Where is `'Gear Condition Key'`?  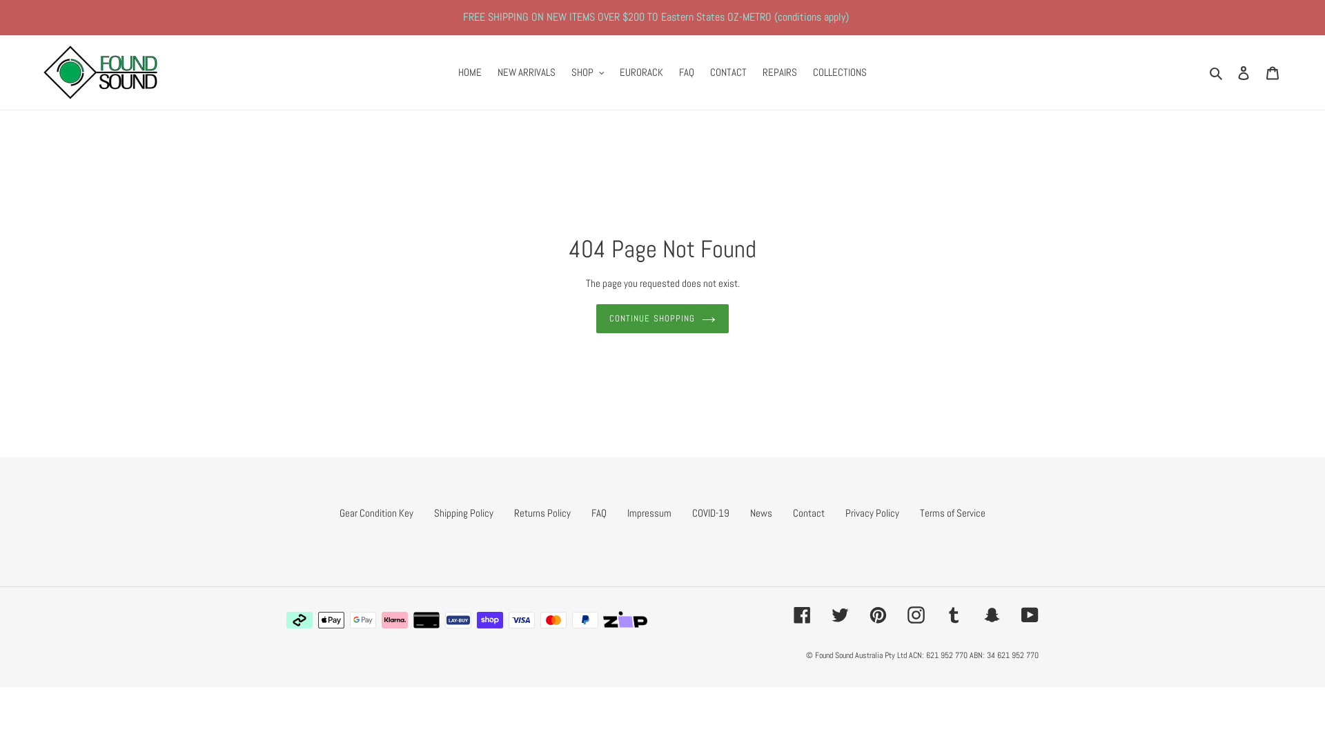
'Gear Condition Key' is located at coordinates (339, 513).